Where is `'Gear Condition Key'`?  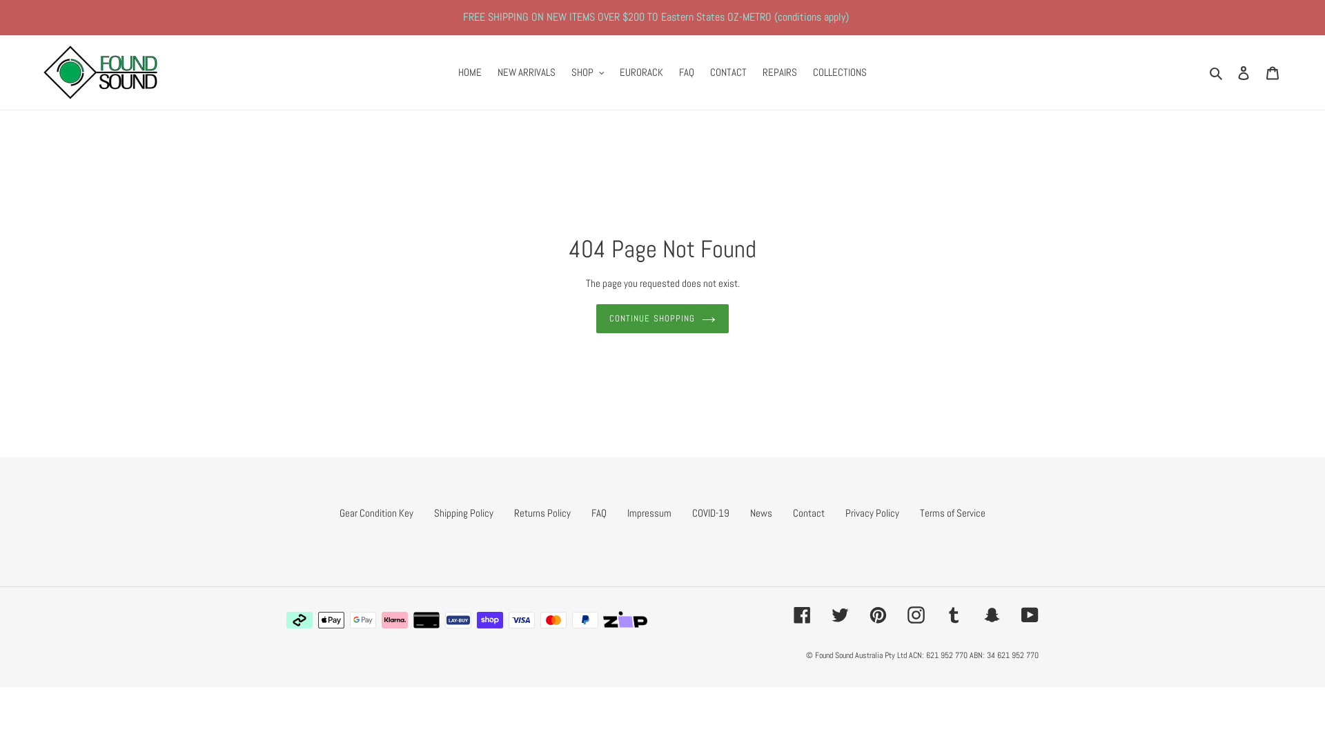
'Gear Condition Key' is located at coordinates (339, 513).